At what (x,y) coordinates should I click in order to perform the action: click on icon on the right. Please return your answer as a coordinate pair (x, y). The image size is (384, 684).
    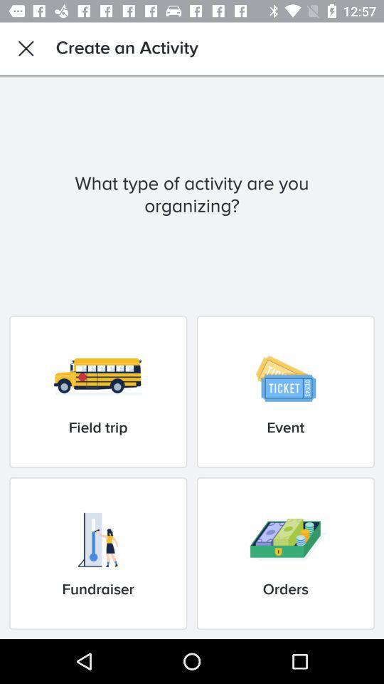
    Looking at the image, I should click on (285, 391).